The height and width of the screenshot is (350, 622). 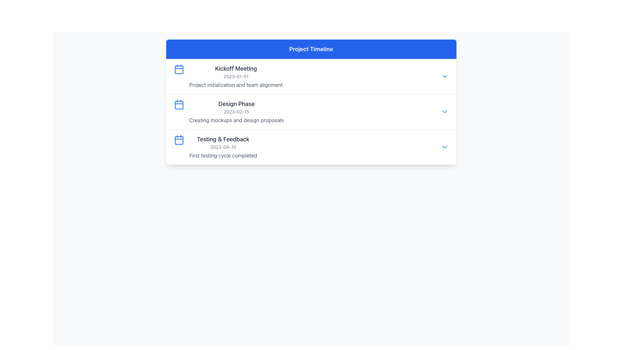 I want to click on the blue downward chevron button icon located to the far right of the 'Design Phase' section in the Project Timeline interface, so click(x=444, y=111).